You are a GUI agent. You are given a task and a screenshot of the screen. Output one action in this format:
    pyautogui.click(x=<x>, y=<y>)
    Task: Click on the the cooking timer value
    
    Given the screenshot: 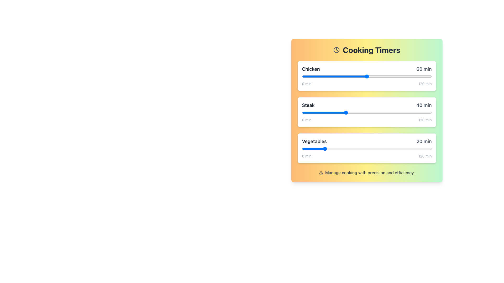 What is the action you would take?
    pyautogui.click(x=311, y=77)
    